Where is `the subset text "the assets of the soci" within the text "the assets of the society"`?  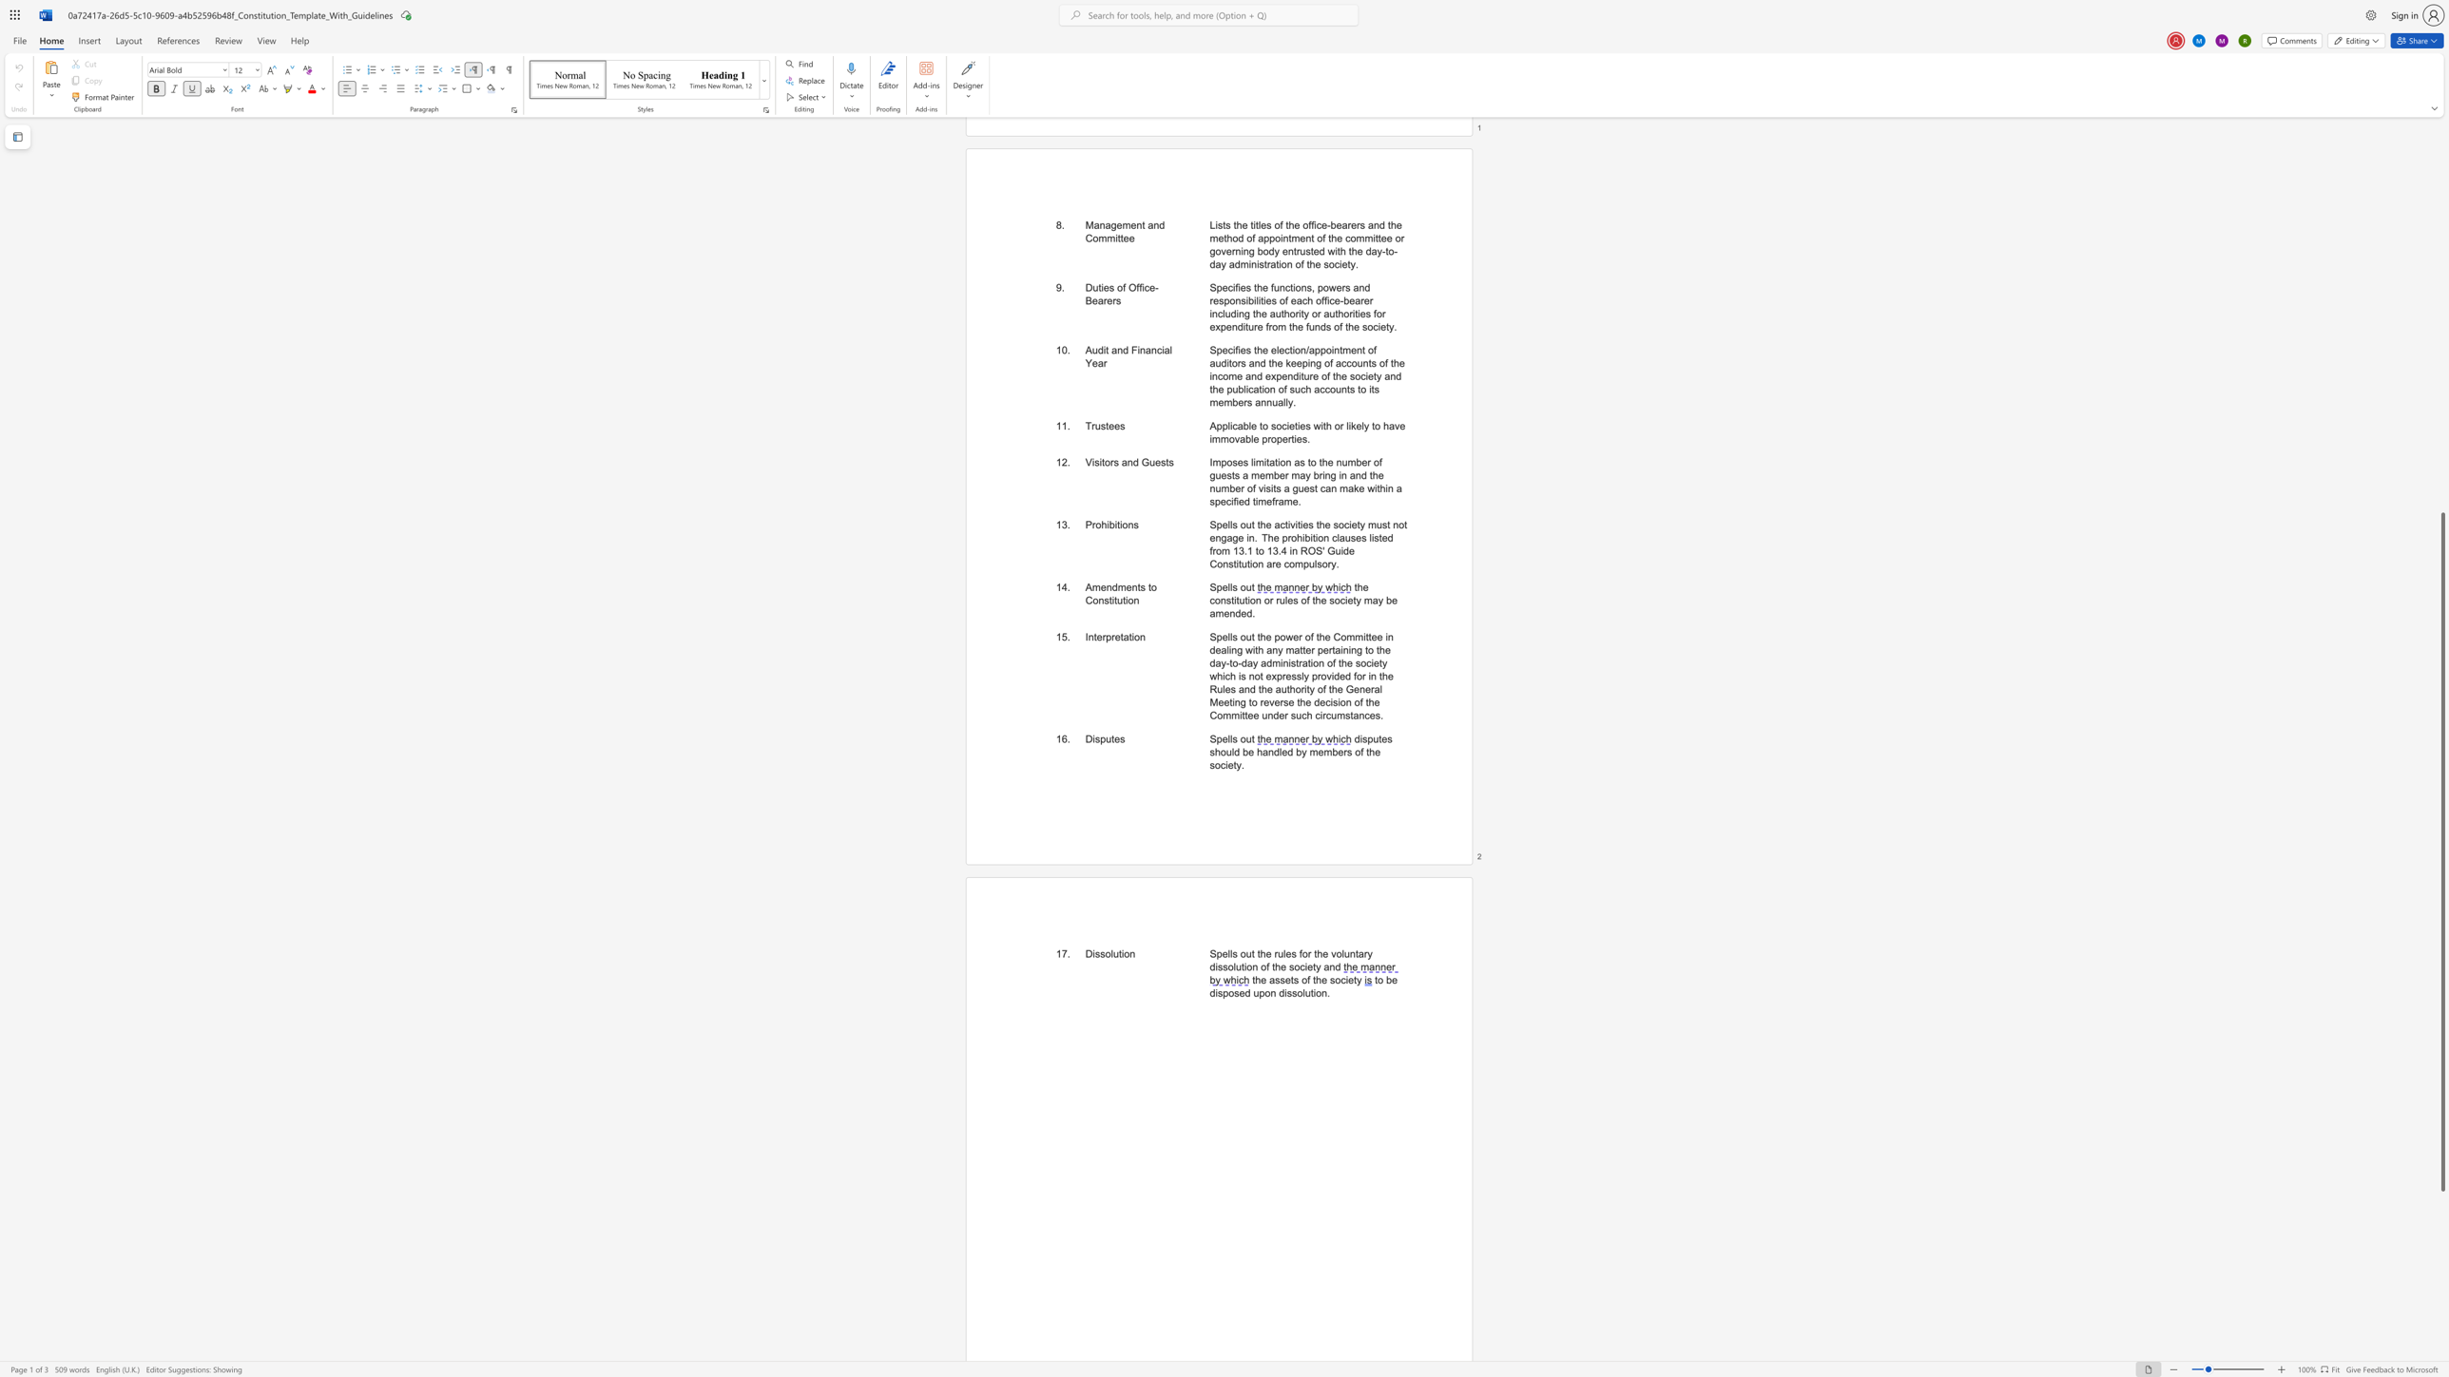 the subset text "the assets of the soci" within the text "the assets of the society" is located at coordinates (1251, 980).